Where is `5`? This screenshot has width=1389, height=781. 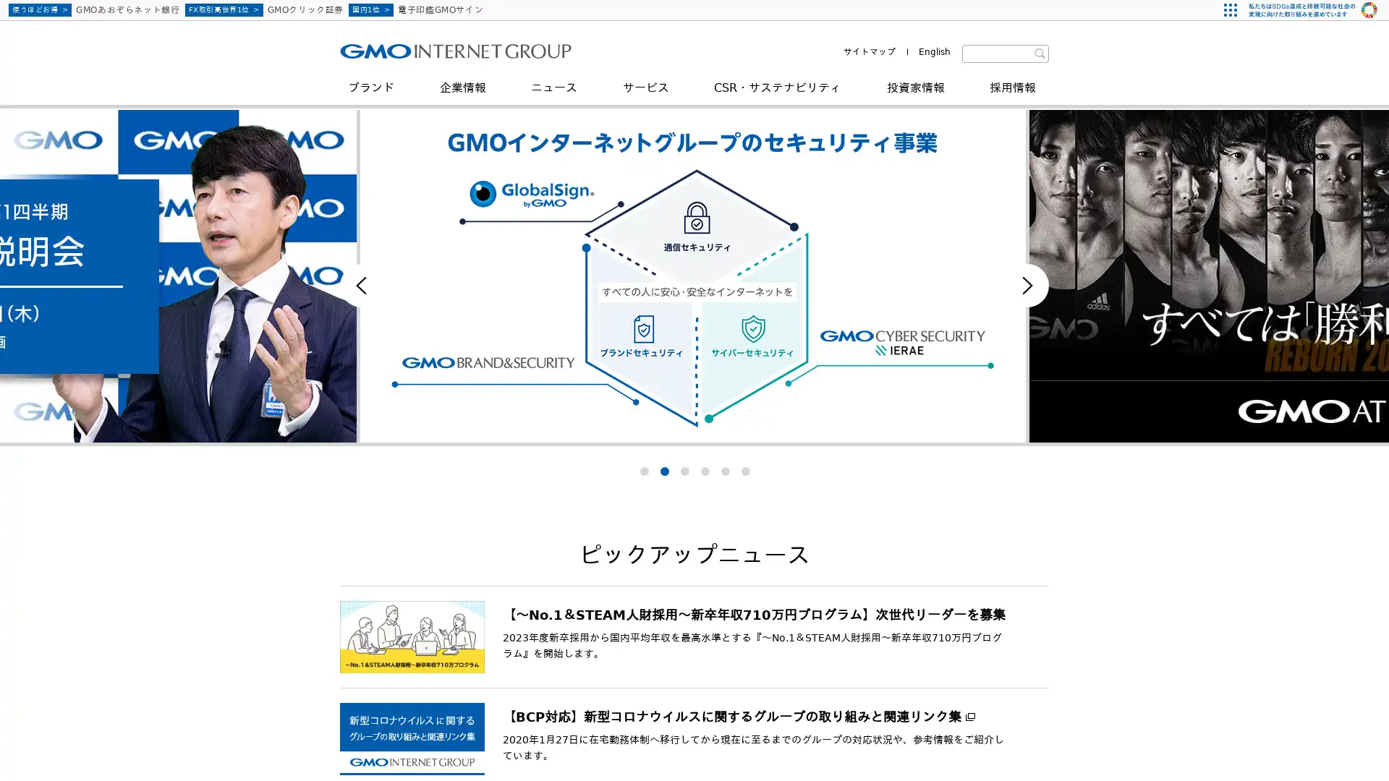
5 is located at coordinates (725, 471).